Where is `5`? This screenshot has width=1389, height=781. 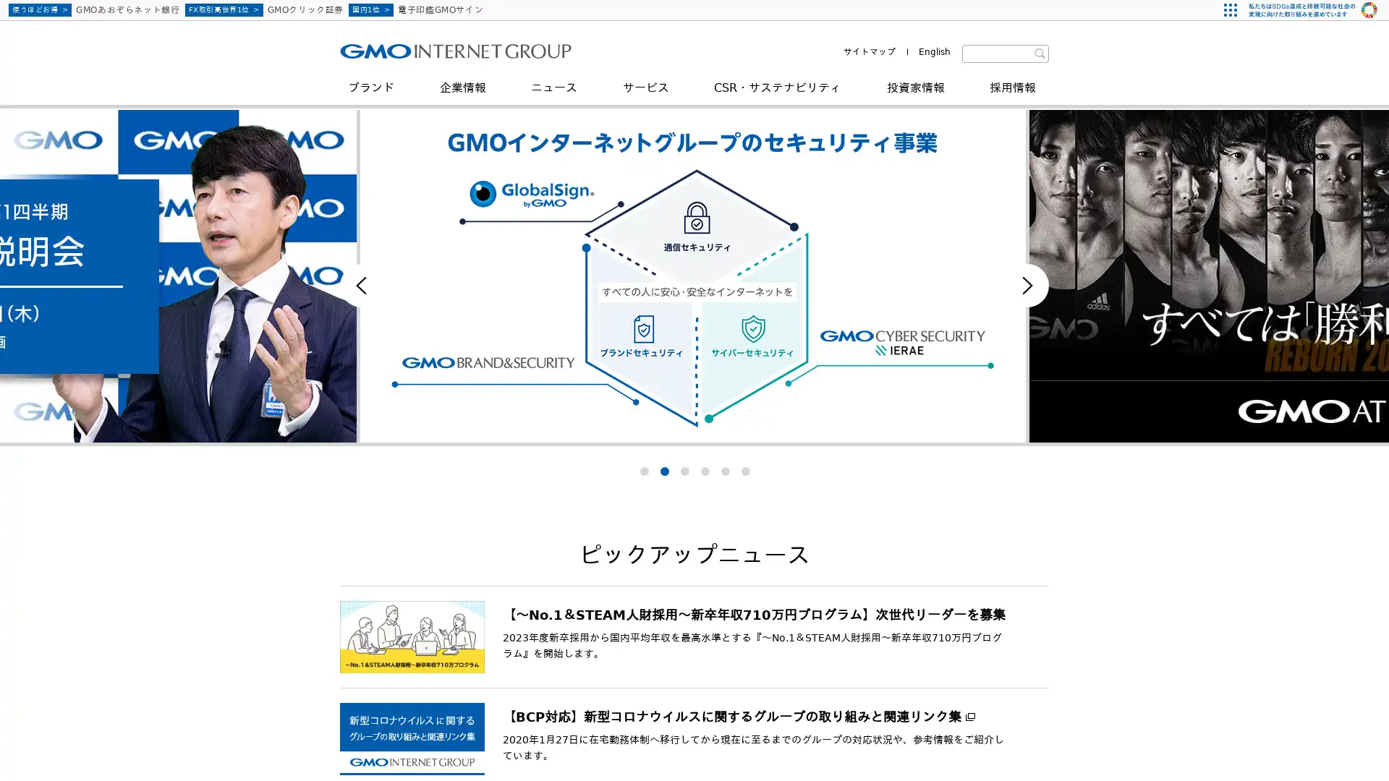
5 is located at coordinates (725, 471).